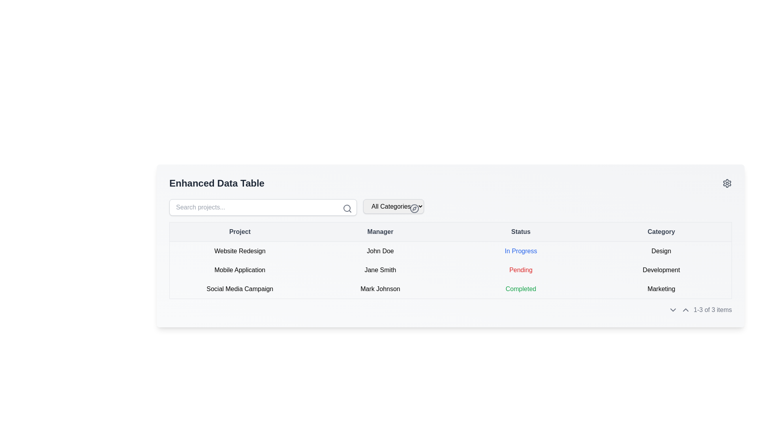 The width and height of the screenshot is (758, 426). Describe the element at coordinates (521, 251) in the screenshot. I see `the static text element displaying 'In Progress' in blue color, located in the 'Status' column of the table for the project 'Website Redesign'` at that location.